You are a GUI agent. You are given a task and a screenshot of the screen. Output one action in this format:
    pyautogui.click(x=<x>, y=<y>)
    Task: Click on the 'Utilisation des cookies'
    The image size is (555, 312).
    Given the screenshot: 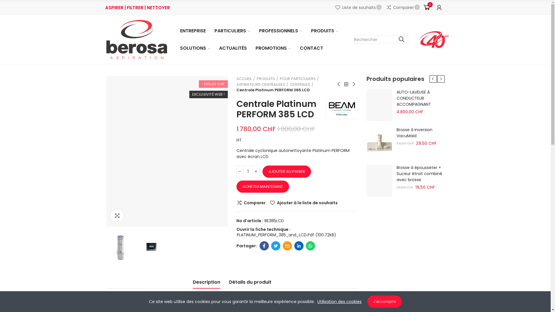 What is the action you would take?
    pyautogui.click(x=339, y=301)
    